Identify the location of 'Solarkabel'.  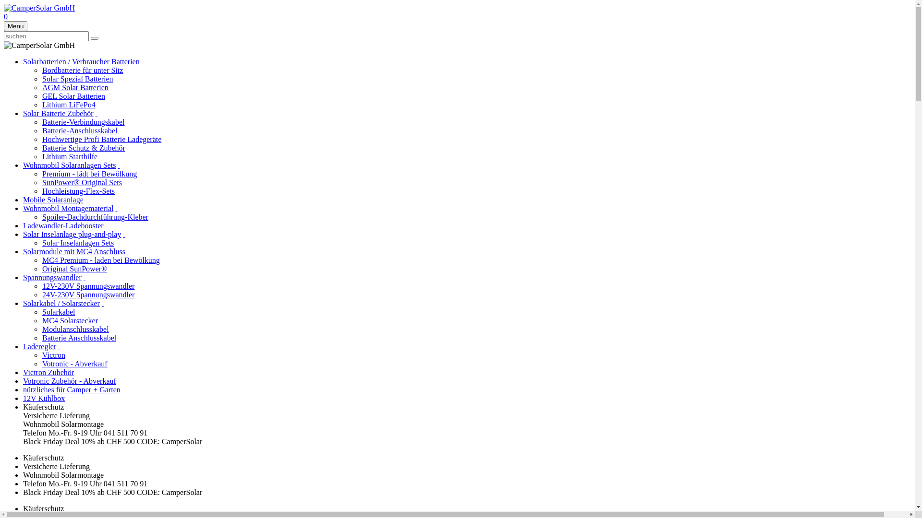
(58, 312).